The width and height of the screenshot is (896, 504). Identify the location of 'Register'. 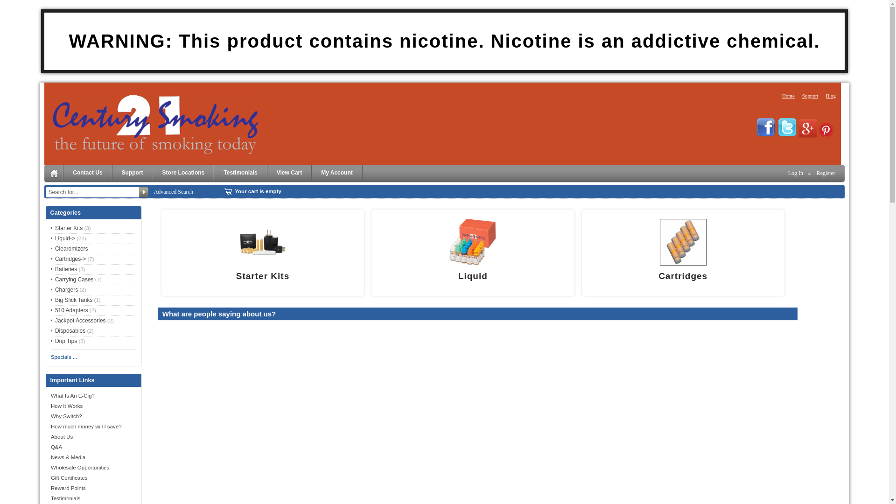
(826, 173).